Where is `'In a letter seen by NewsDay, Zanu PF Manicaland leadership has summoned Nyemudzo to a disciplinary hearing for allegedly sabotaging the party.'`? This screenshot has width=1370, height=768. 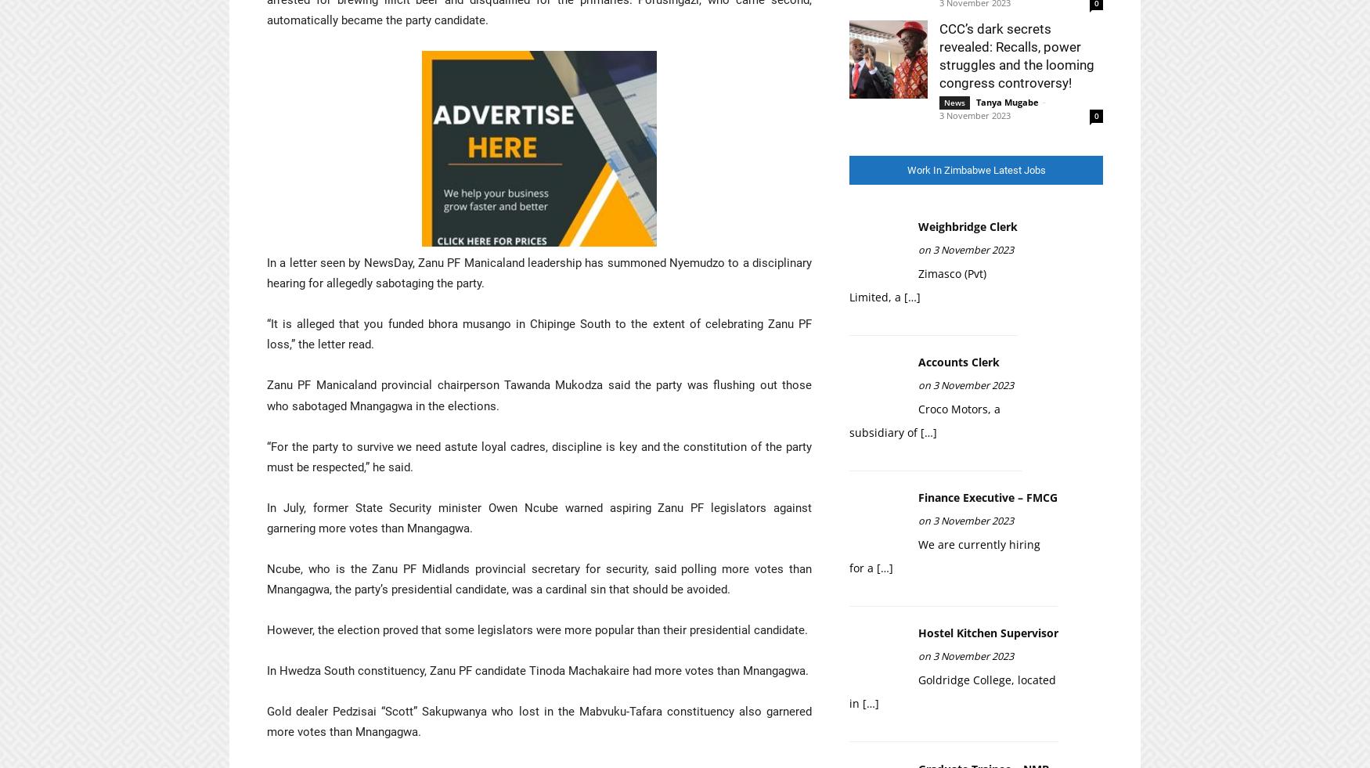 'In a letter seen by NewsDay, Zanu PF Manicaland leadership has summoned Nyemudzo to a disciplinary hearing for allegedly sabotaging the party.' is located at coordinates (539, 272).